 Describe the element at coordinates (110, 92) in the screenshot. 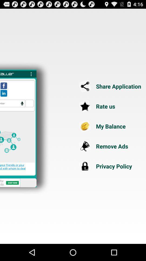

I see `the arrow_backward icon` at that location.